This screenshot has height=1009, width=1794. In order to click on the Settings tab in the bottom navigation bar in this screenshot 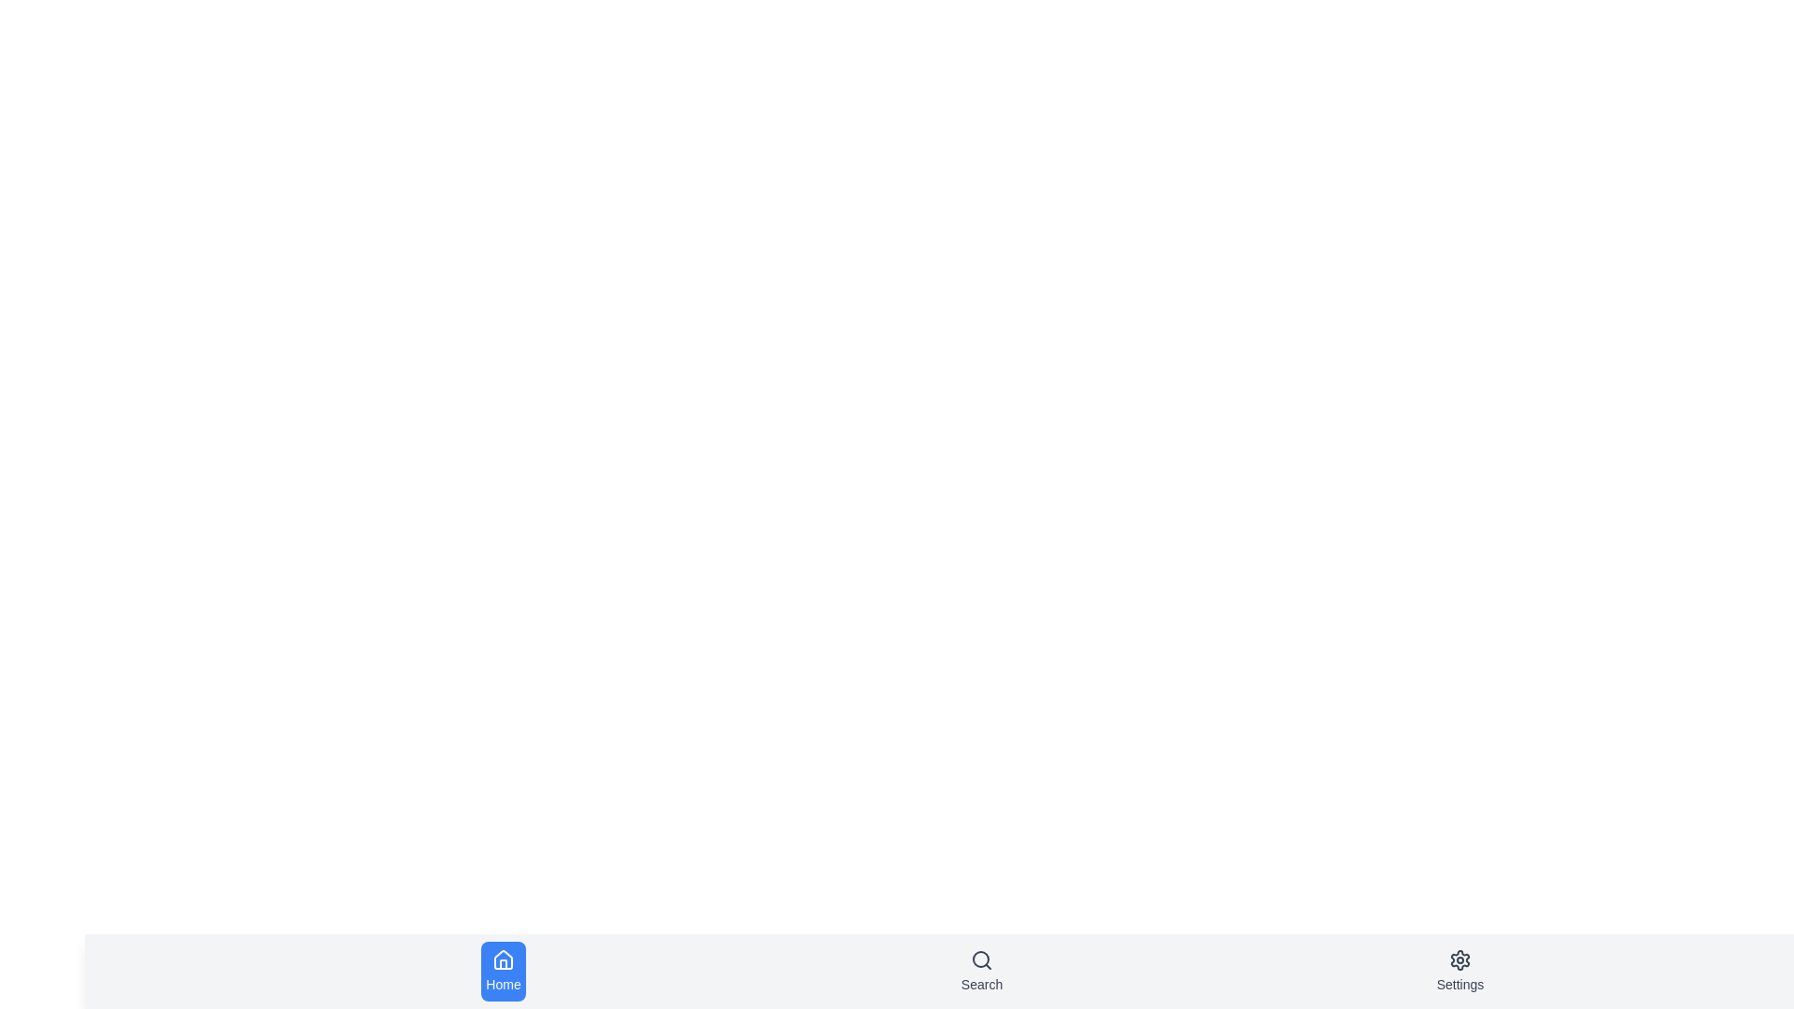, I will do `click(1459, 971)`.